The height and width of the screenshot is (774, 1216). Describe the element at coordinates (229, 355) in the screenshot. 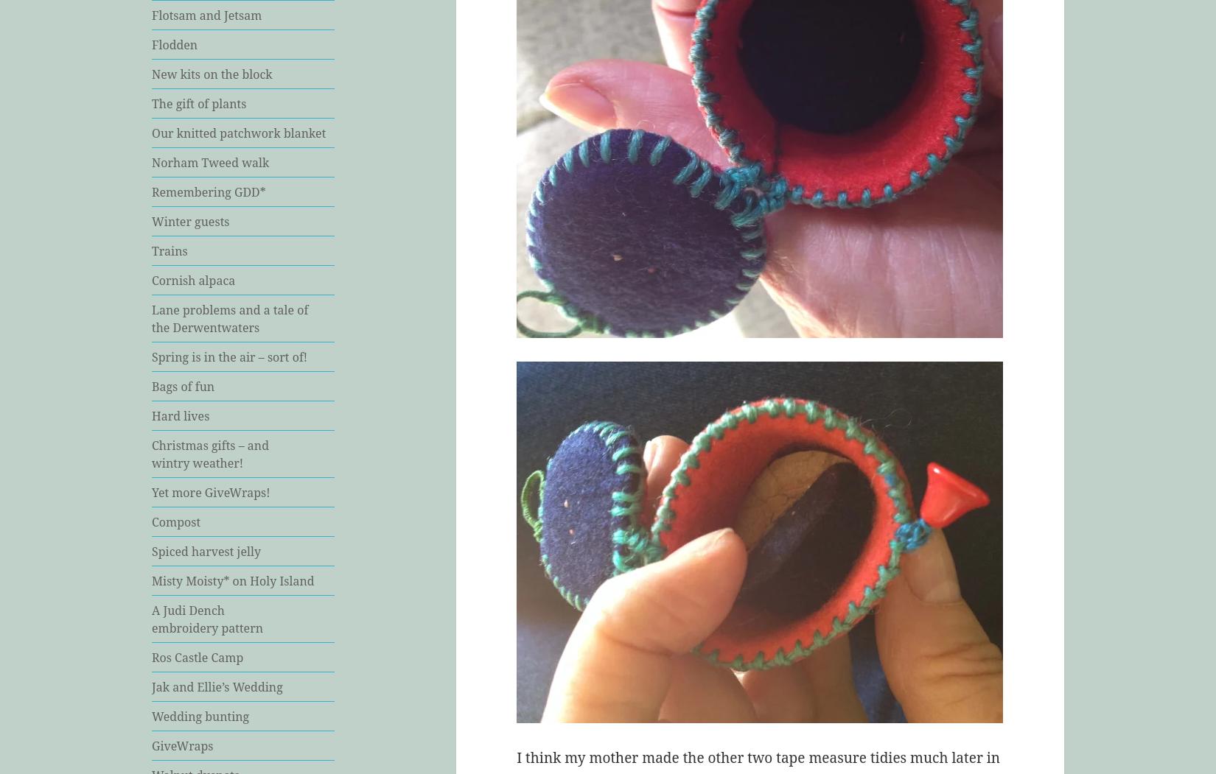

I see `'Spring is in the air – sort of!'` at that location.